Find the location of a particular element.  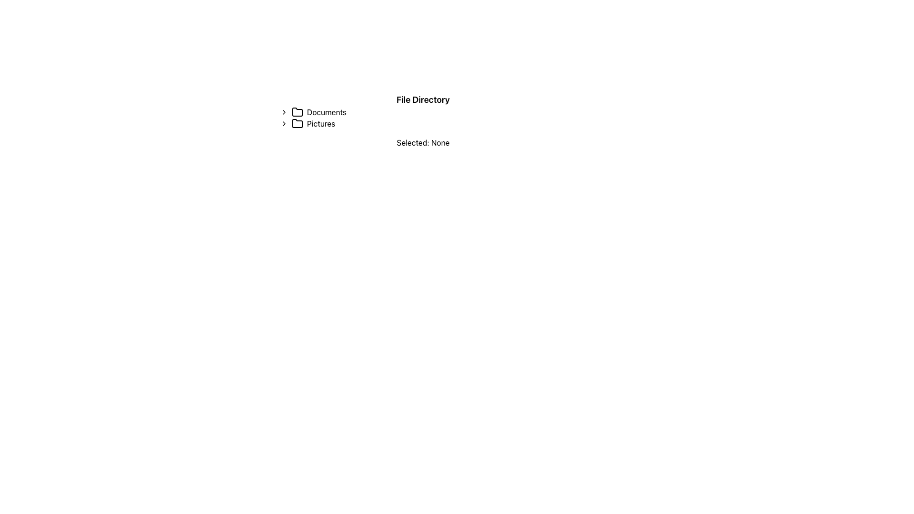

the folder icon representing 'Pictures' in the file directory is located at coordinates (297, 123).